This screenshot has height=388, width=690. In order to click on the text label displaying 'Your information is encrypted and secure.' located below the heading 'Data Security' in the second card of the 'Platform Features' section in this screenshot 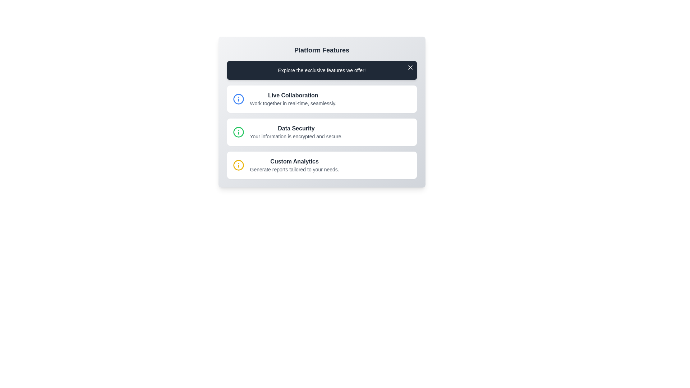, I will do `click(296, 137)`.